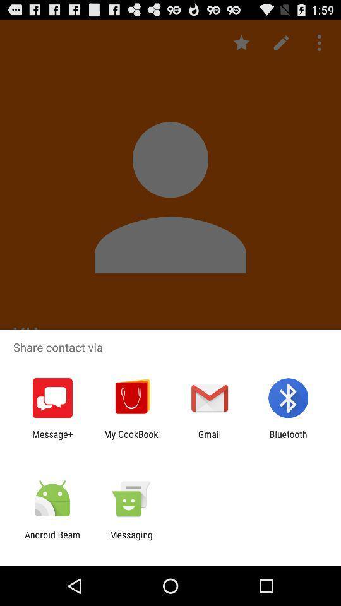 The image size is (341, 606). What do you see at coordinates (130, 439) in the screenshot?
I see `the icon next to gmail icon` at bounding box center [130, 439].